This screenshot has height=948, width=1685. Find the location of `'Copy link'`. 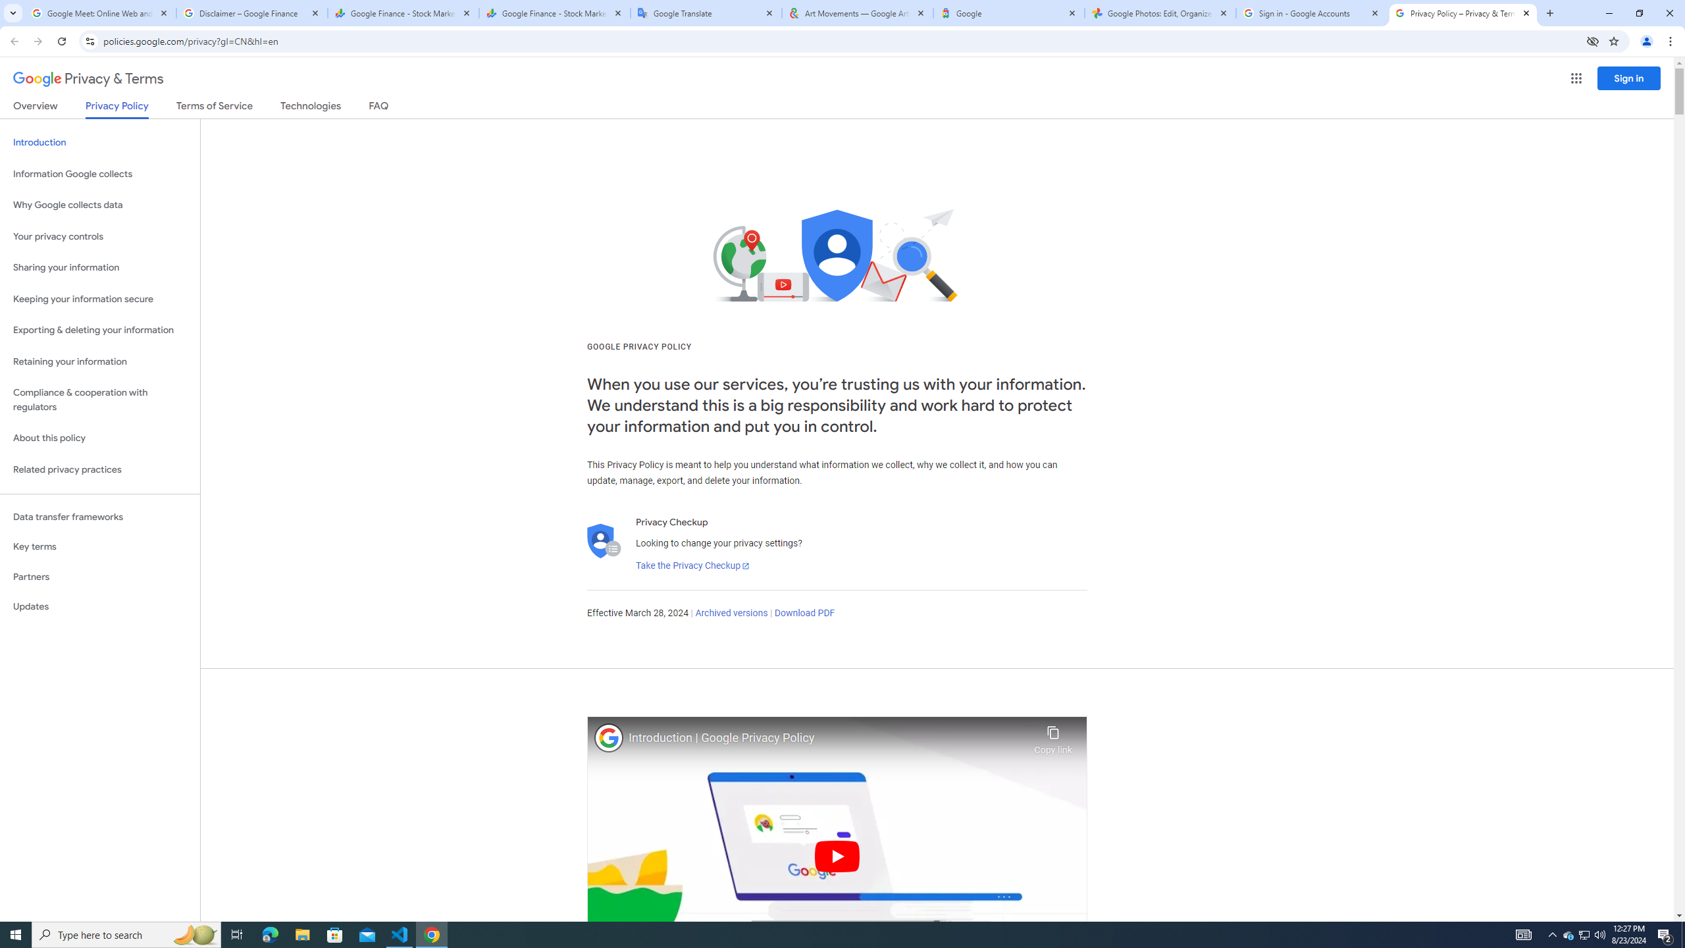

'Copy link' is located at coordinates (1052, 736).